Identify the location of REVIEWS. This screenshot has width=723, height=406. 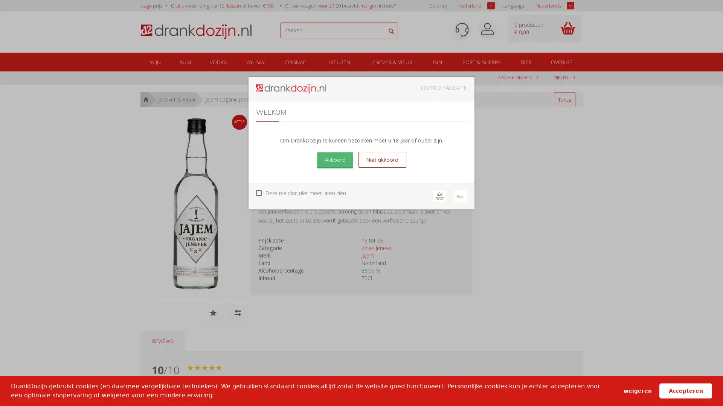
(162, 341).